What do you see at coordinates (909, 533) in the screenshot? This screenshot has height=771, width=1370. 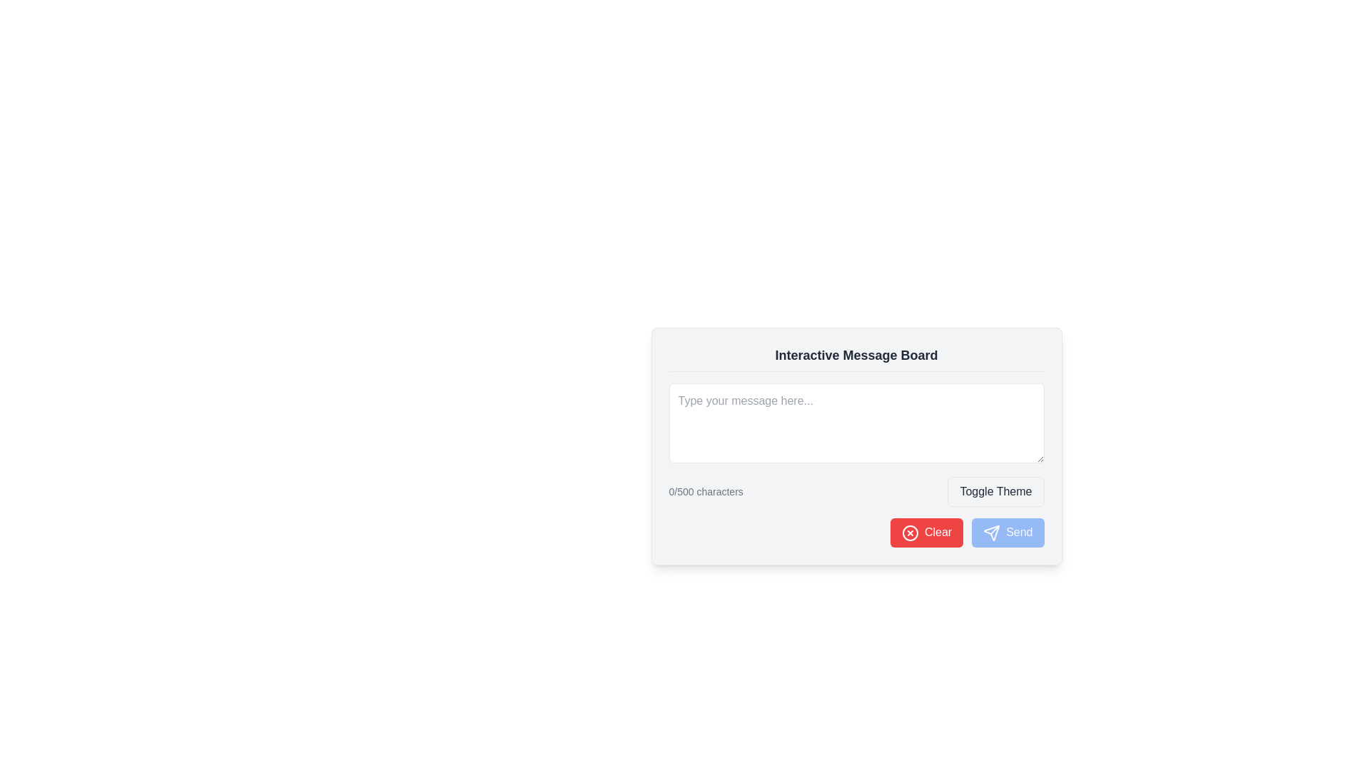 I see `the graphical design of the icon depicted as a circle with a cross inside, located within the 'Clear' button at the bottom right of the 'Interactive Message Board' interface` at bounding box center [909, 533].